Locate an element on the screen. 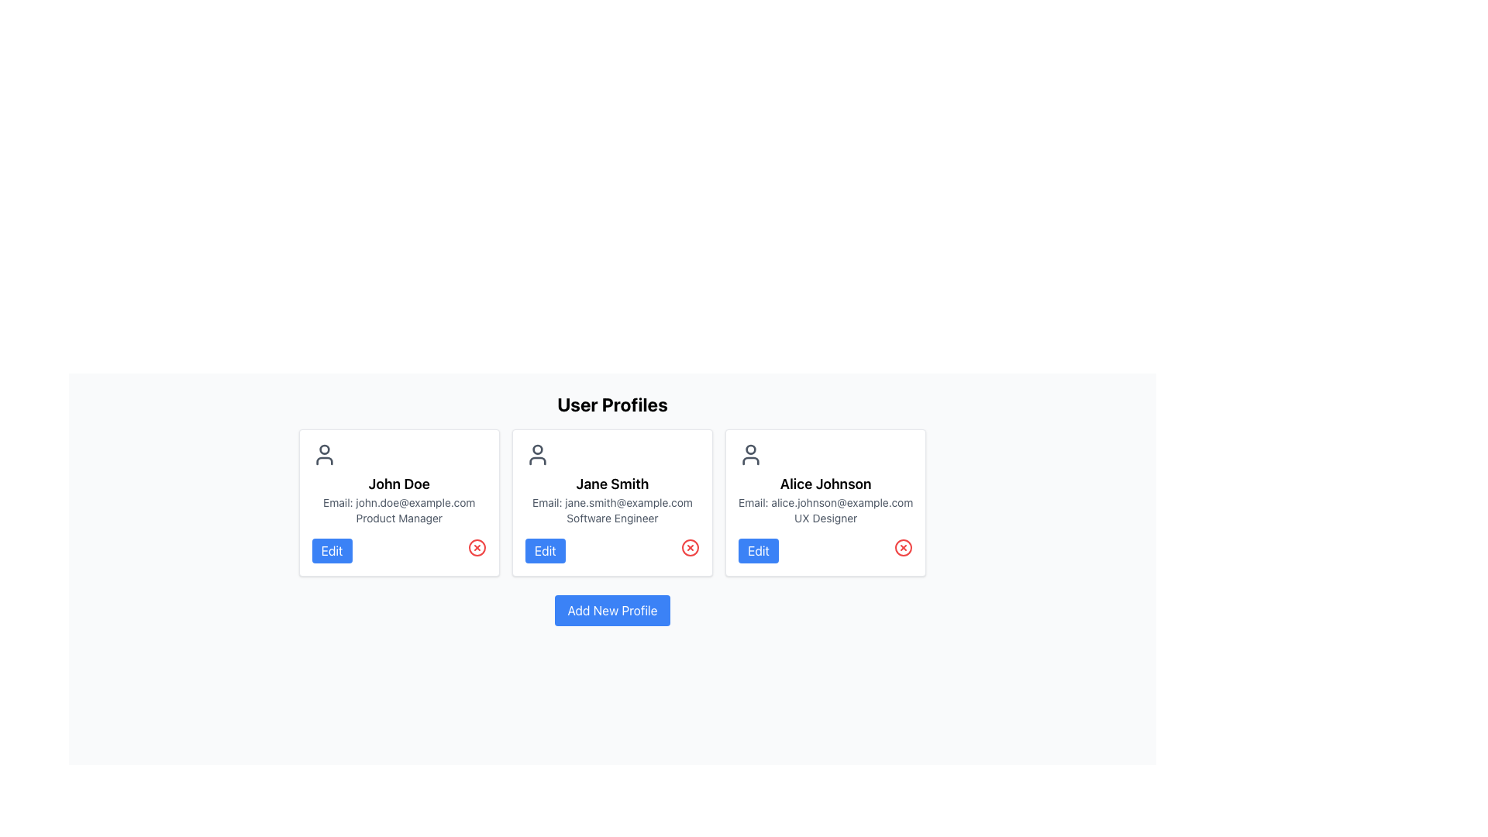 The height and width of the screenshot is (837, 1488). the circular graphic representing Jane Smith's avatar within the middle user profile card, which is centrally located in the larger outlined user icon is located at coordinates (537, 449).